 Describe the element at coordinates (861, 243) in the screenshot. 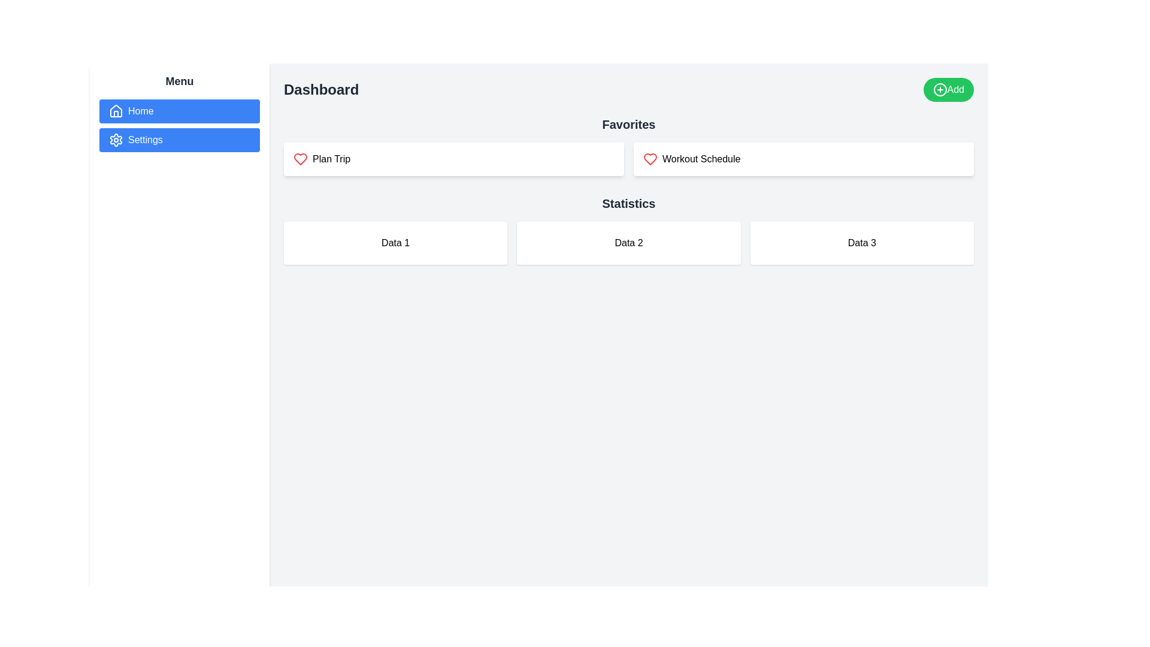

I see `the rectangular card labeled 'Data 3' which has a white background, rounded corners, and bold black text in the 'Statistics' section` at that location.